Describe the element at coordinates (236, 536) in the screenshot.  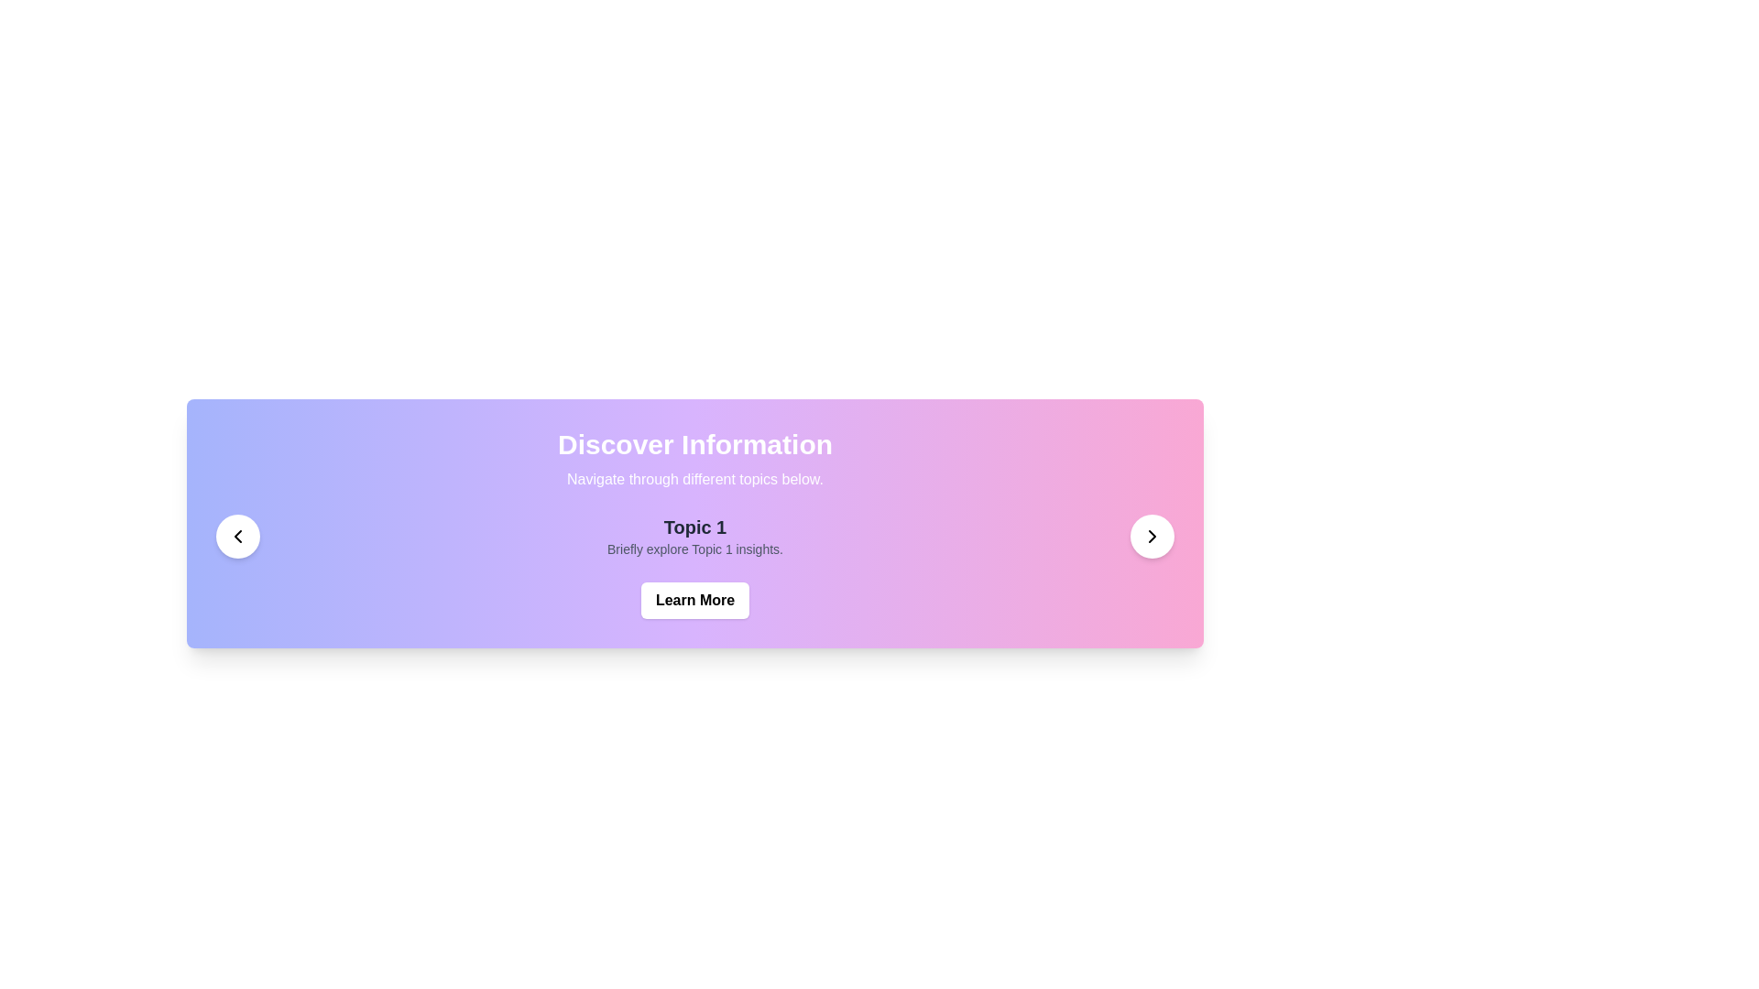
I see `the left-pointing chevron icon, which is a thin outlined arrow located within a circular white button on the left side of the gradient card` at that location.